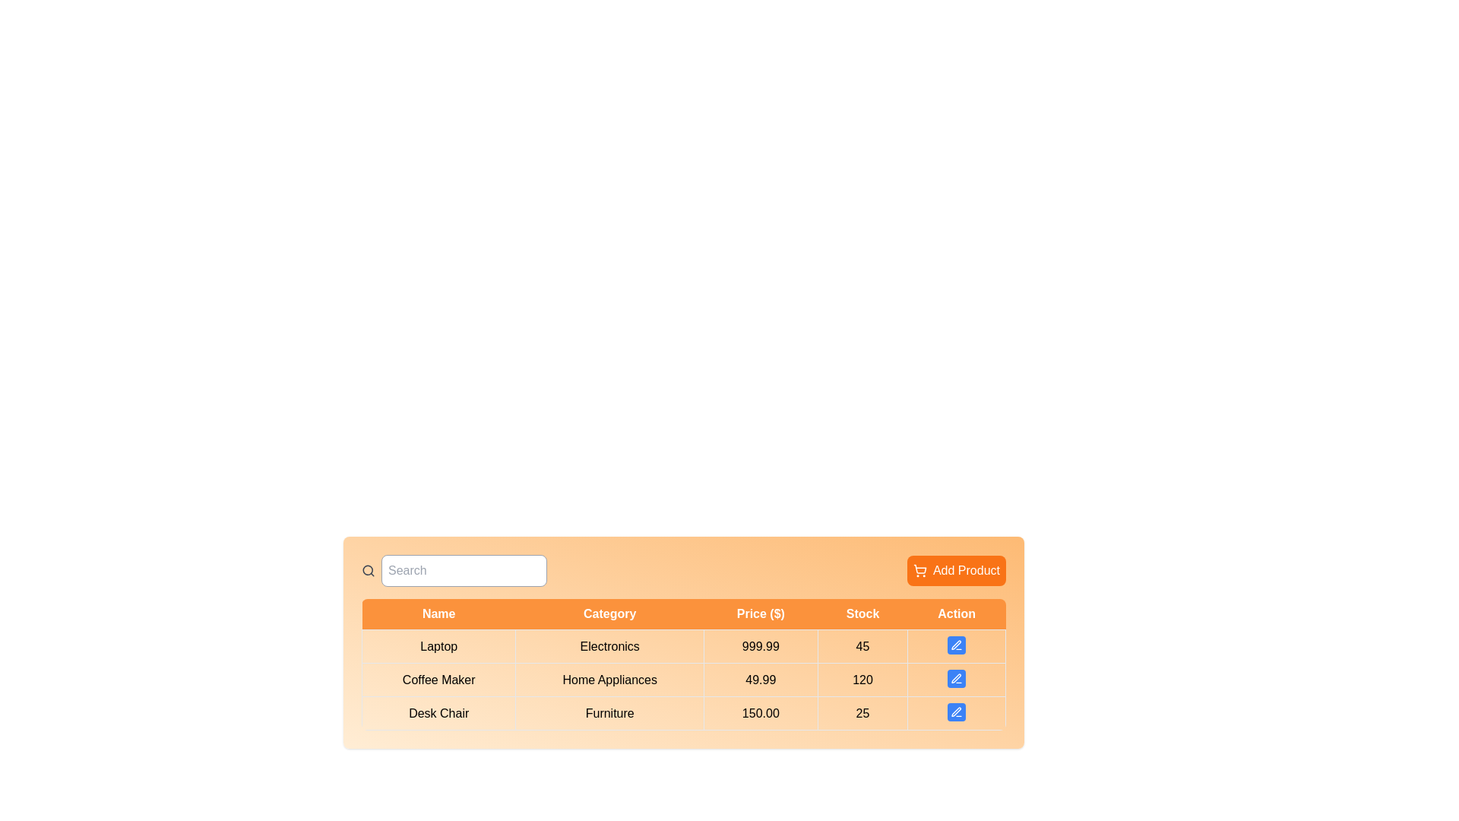 The width and height of the screenshot is (1459, 821). I want to click on the magnifying glass icon, which is styled with rounded strokes and a grayish color, located to the left of the 'Search' text input field in the orange segment of the interface, so click(368, 571).